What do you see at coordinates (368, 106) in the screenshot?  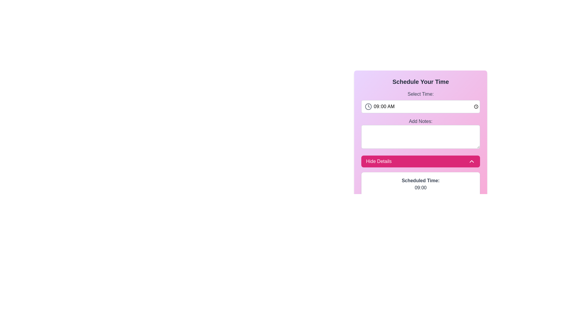 I see `the graphical representation of the clock's face located to the left of the 'Select Time' input field` at bounding box center [368, 106].